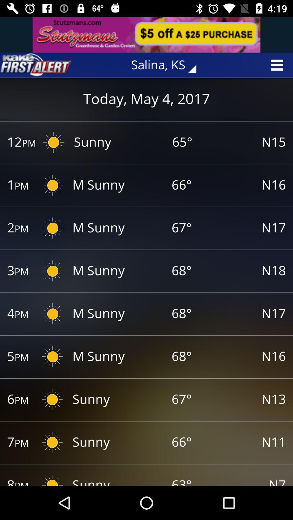 The height and width of the screenshot is (520, 293). What do you see at coordinates (146, 34) in the screenshot?
I see `advertisement` at bounding box center [146, 34].